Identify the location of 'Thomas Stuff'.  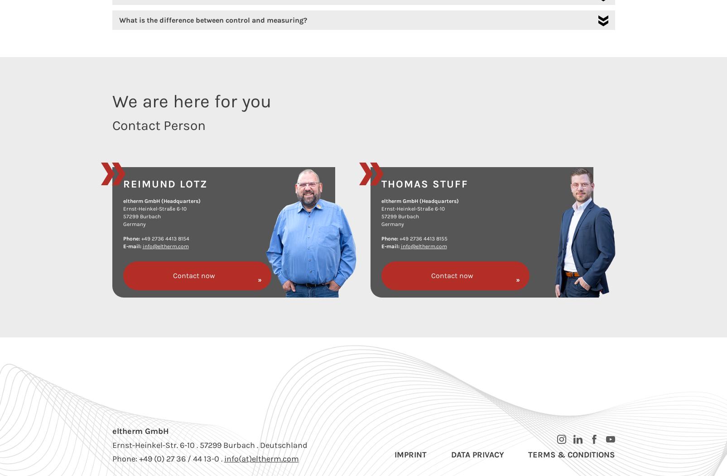
(381, 183).